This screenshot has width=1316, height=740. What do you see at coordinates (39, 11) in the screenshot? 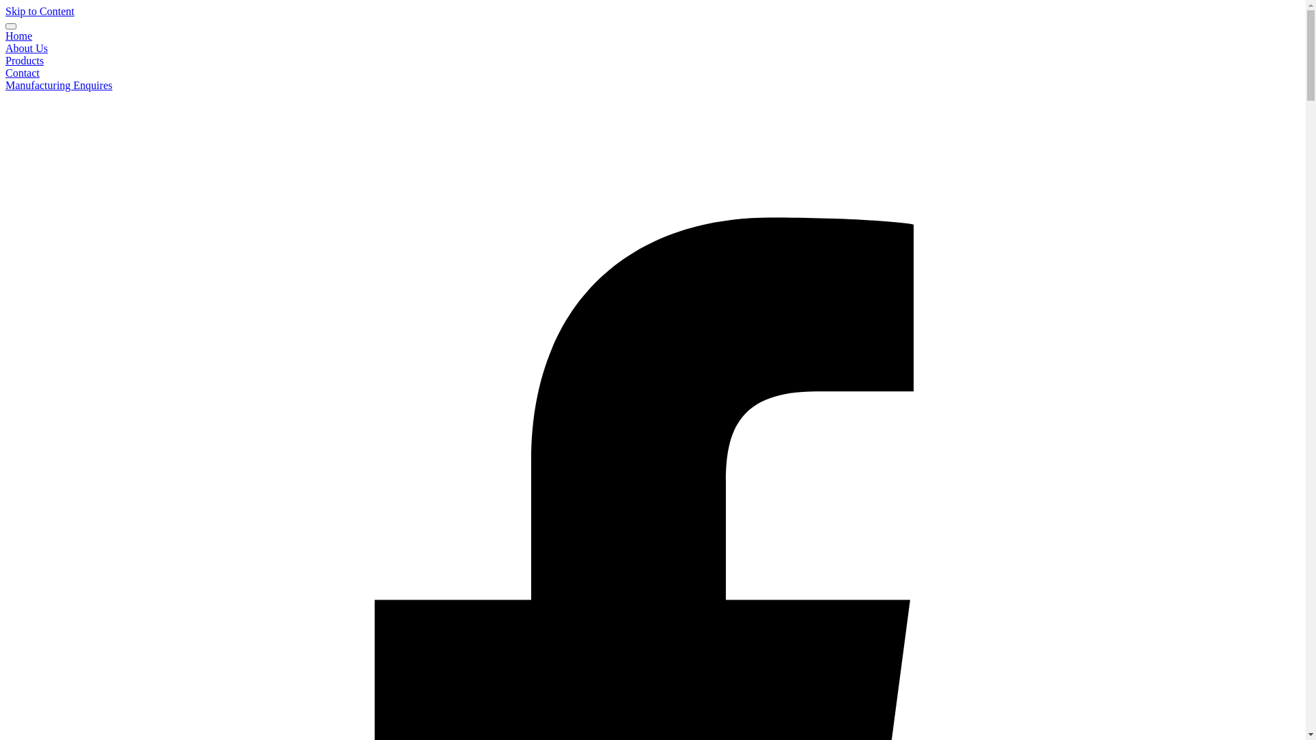
I see `'Skip to Content'` at bounding box center [39, 11].